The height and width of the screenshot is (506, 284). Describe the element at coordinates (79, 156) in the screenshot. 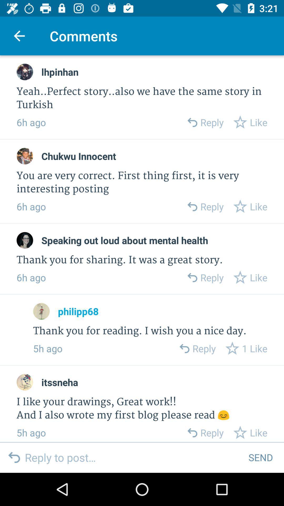

I see `icon below 6h ago item` at that location.